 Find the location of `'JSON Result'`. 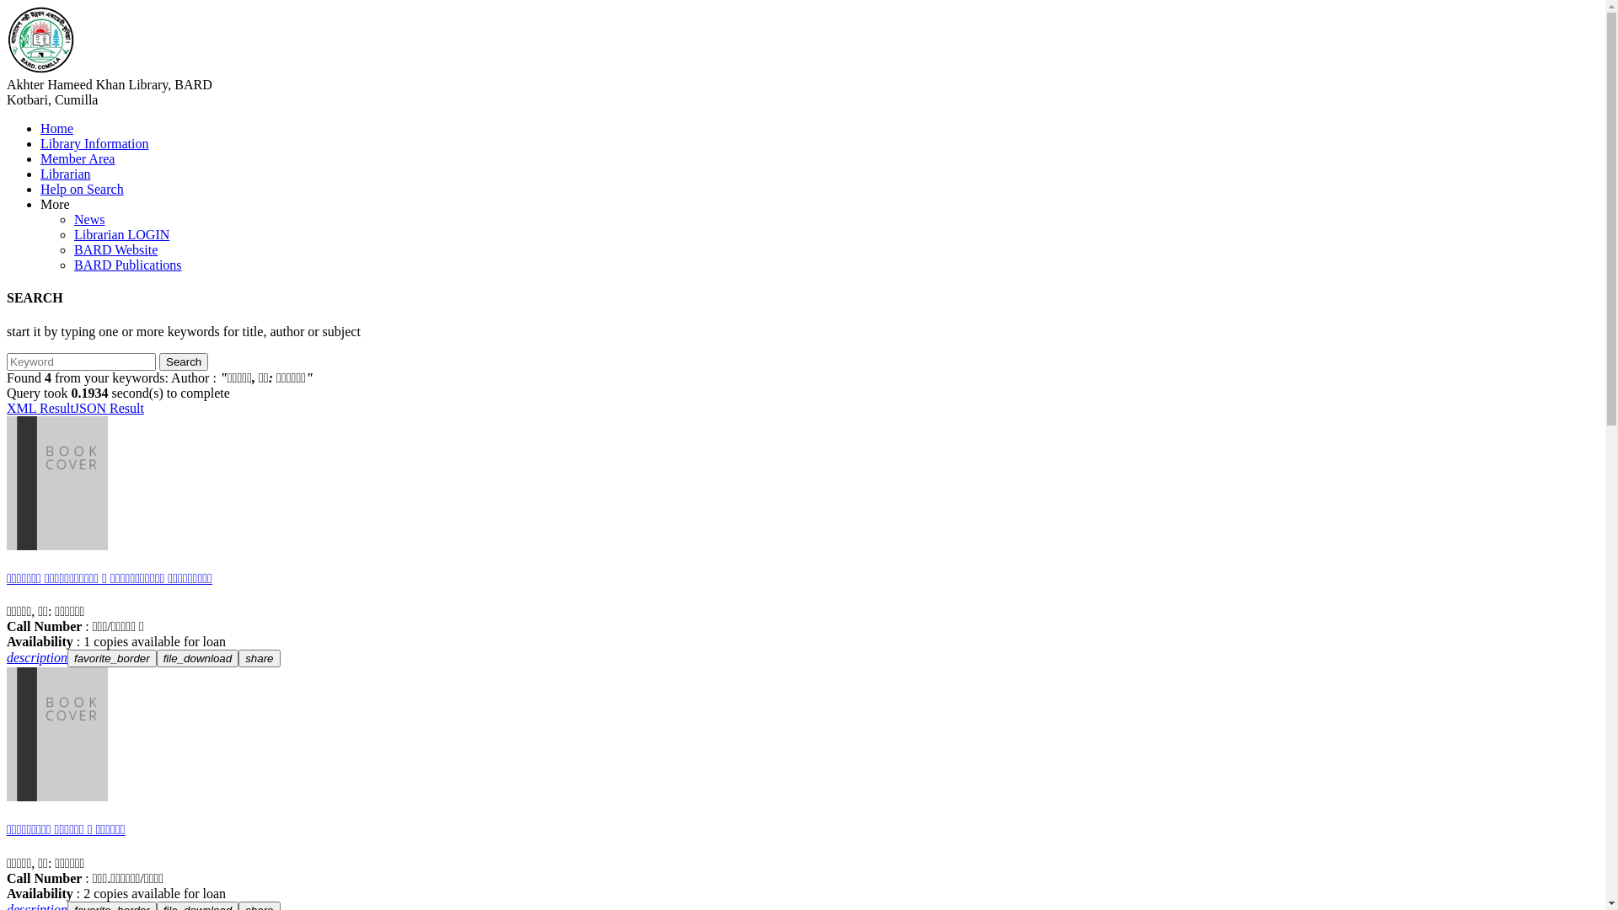

'JSON Result' is located at coordinates (108, 408).